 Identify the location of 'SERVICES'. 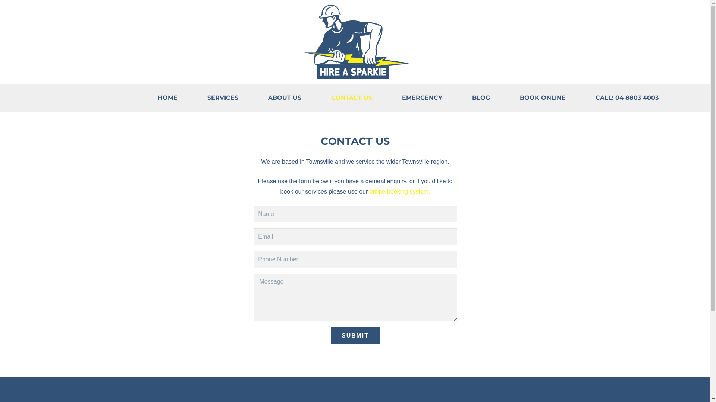
(222, 97).